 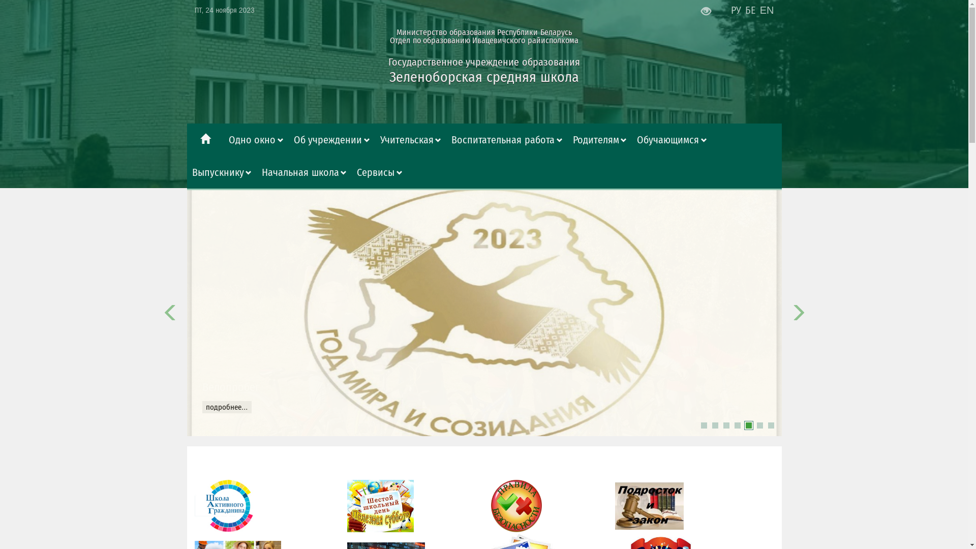 I want to click on '6', so click(x=759, y=425).